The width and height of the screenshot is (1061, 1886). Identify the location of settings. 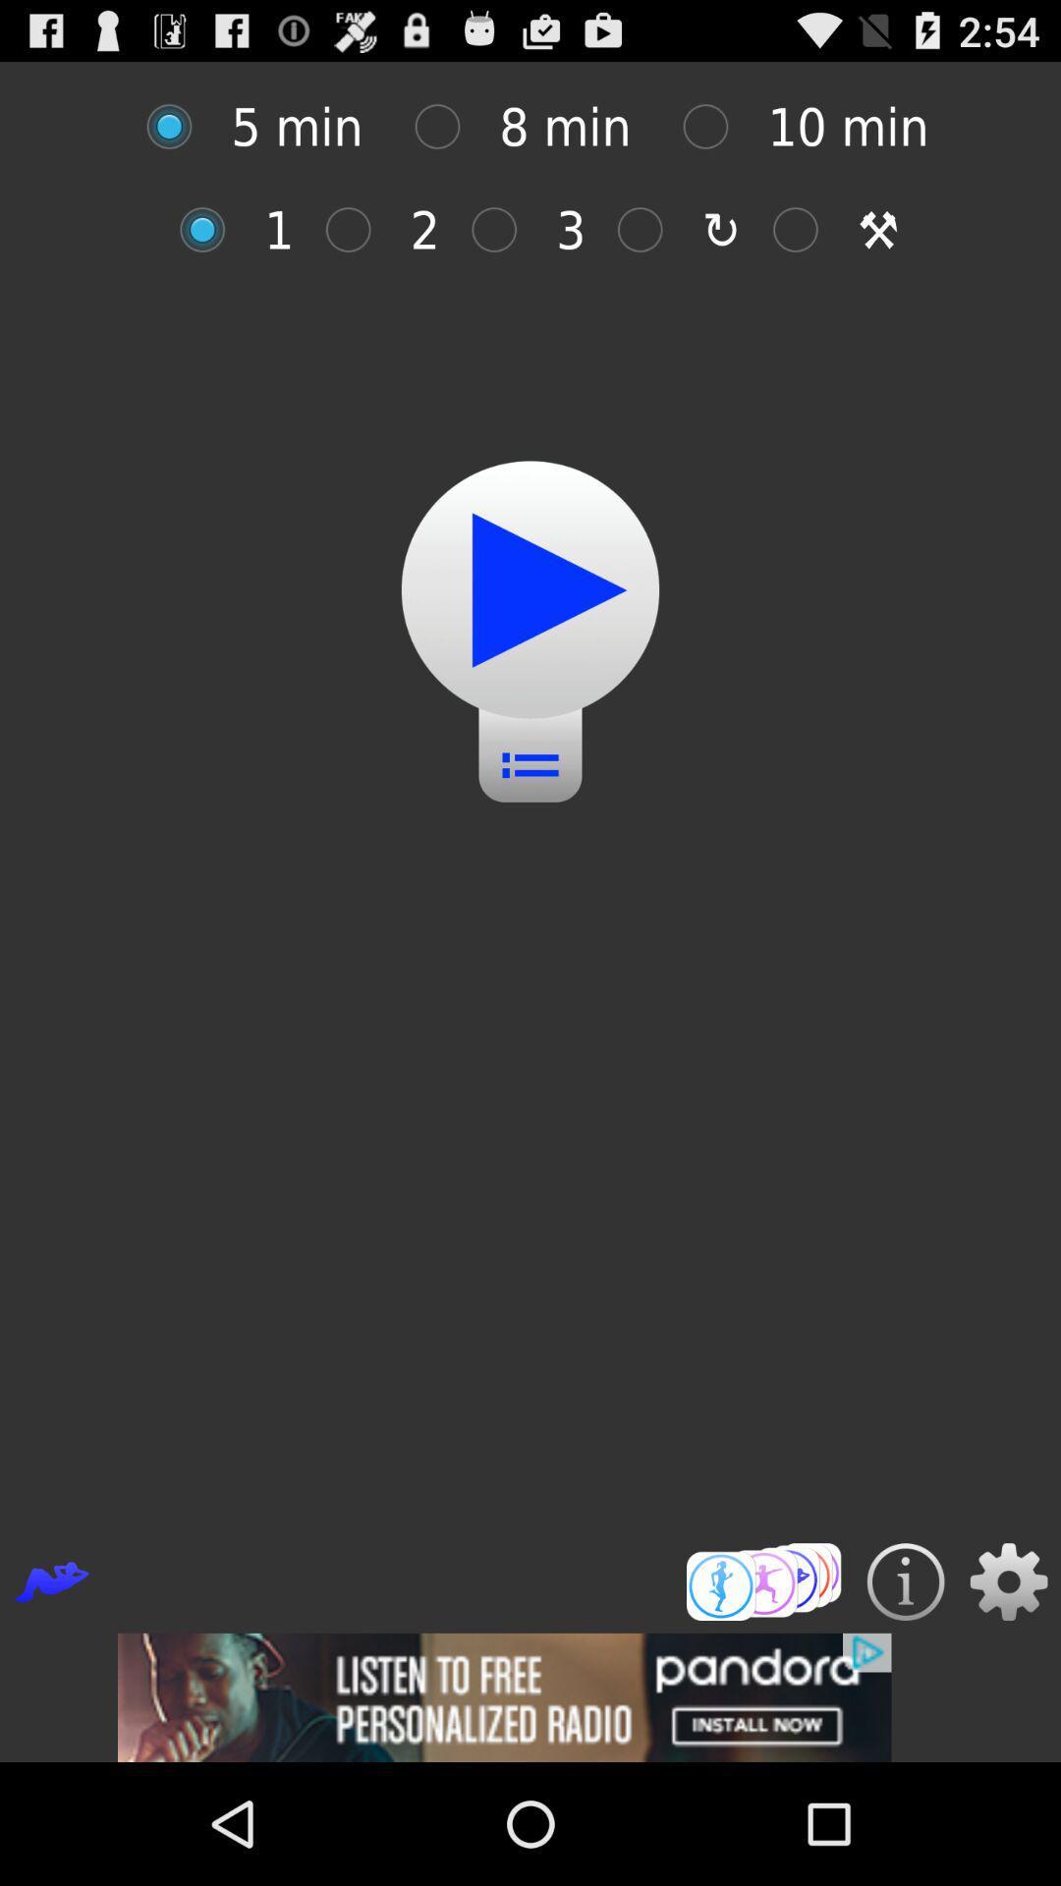
(1009, 1581).